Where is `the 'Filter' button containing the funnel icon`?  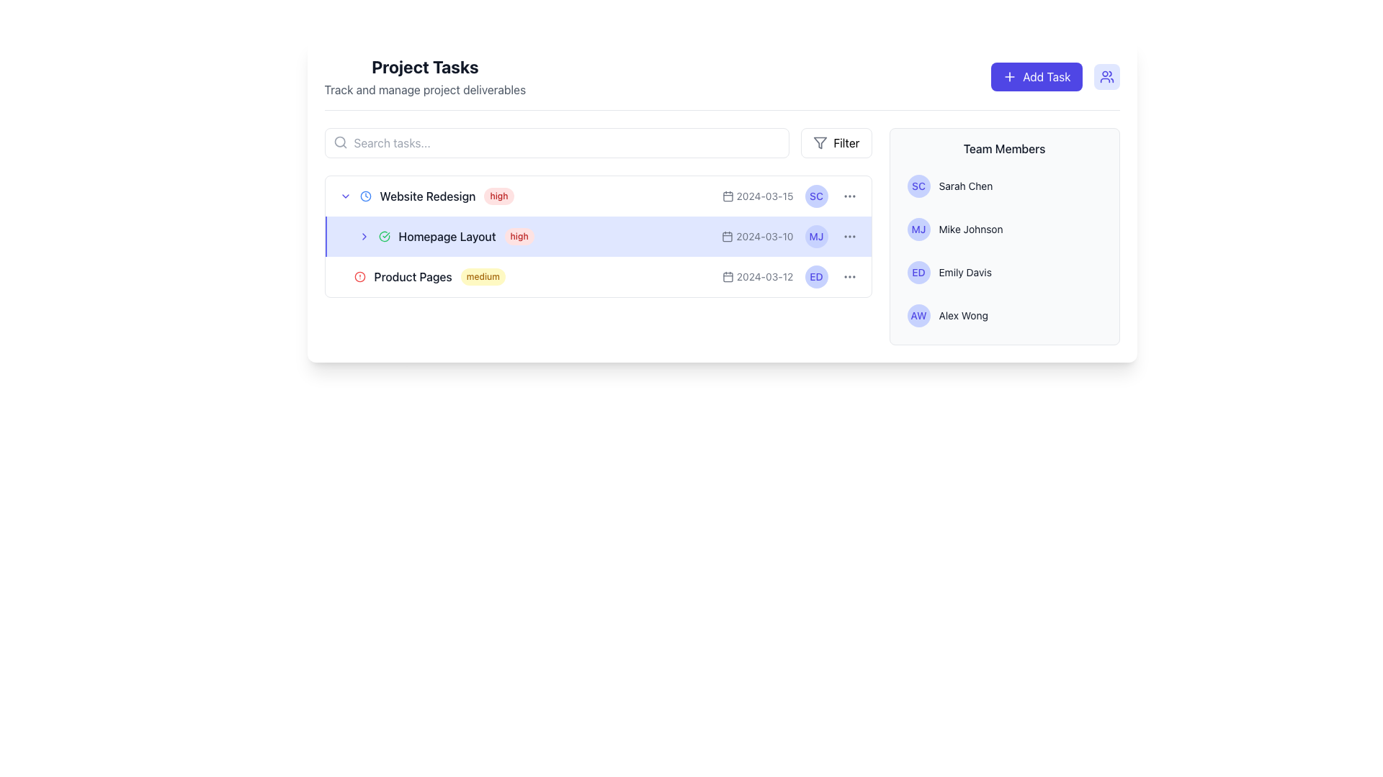
the 'Filter' button containing the funnel icon is located at coordinates (820, 143).